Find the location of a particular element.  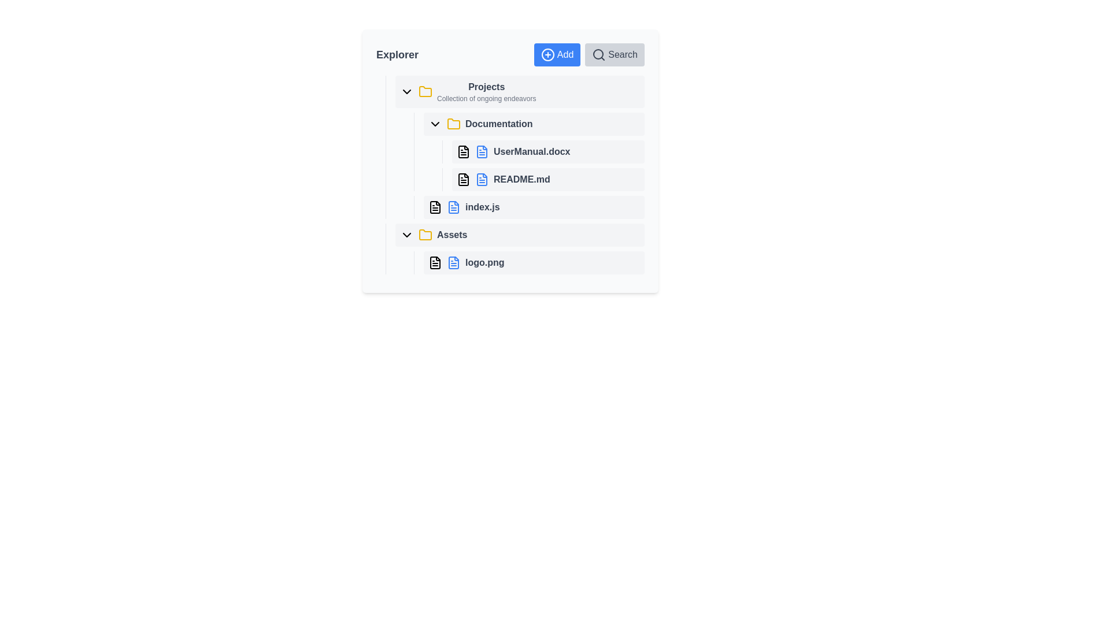

the blue file document icon adjacent to the label 'index.js' is located at coordinates (453, 206).